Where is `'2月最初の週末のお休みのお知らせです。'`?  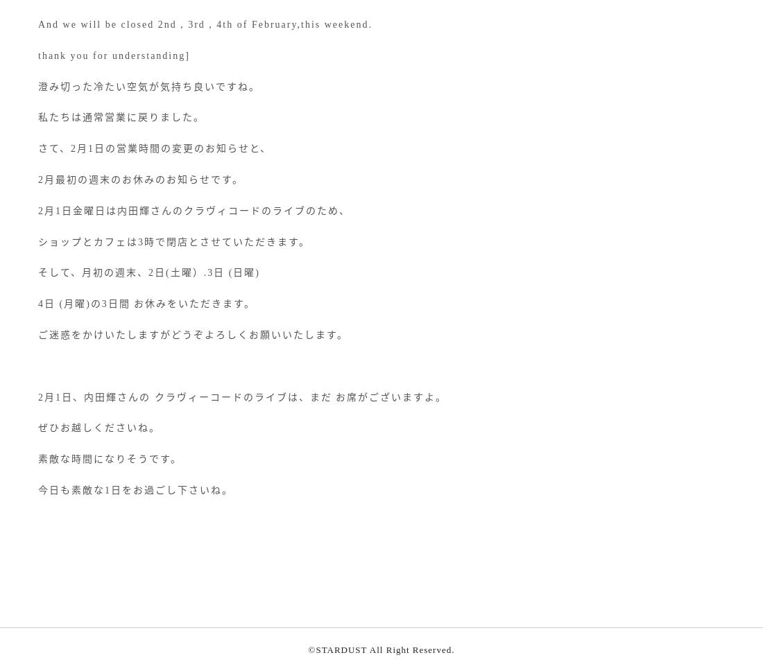
'2月最初の週末のお休みのお知らせです。' is located at coordinates (139, 179).